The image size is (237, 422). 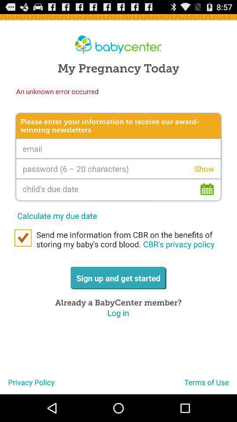 What do you see at coordinates (23, 238) in the screenshot?
I see `the icon next to send me information app` at bounding box center [23, 238].